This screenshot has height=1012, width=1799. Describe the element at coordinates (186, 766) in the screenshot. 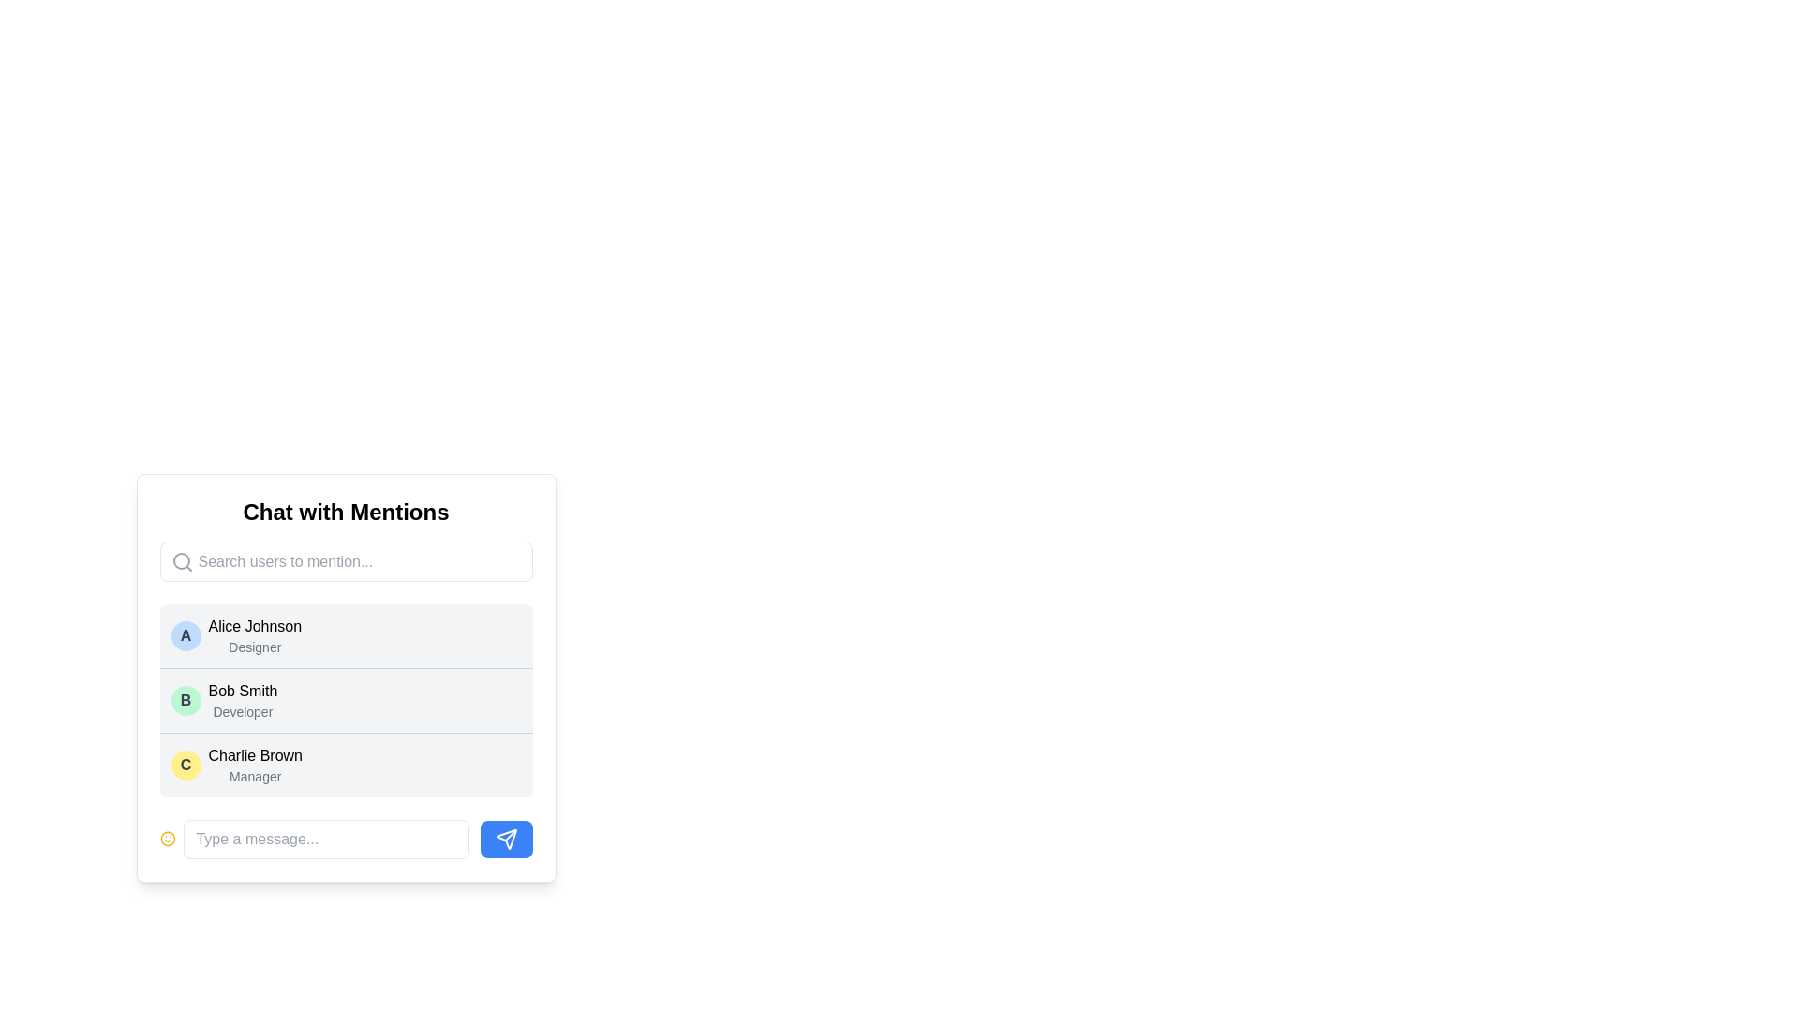

I see `the Avatar element, which is a small circular component with a yellow background and a gray border, containing a bold letter 'C' in gray text, located next to the name 'Charlie Brown' in the 'Chat with Mentions' list` at that location.